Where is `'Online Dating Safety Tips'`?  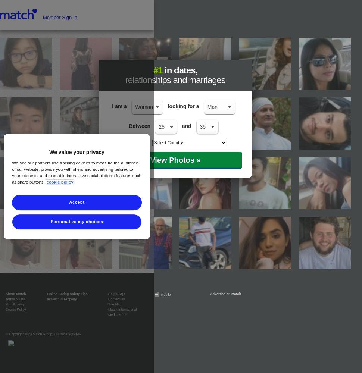 'Online Dating Safety Tips' is located at coordinates (67, 294).